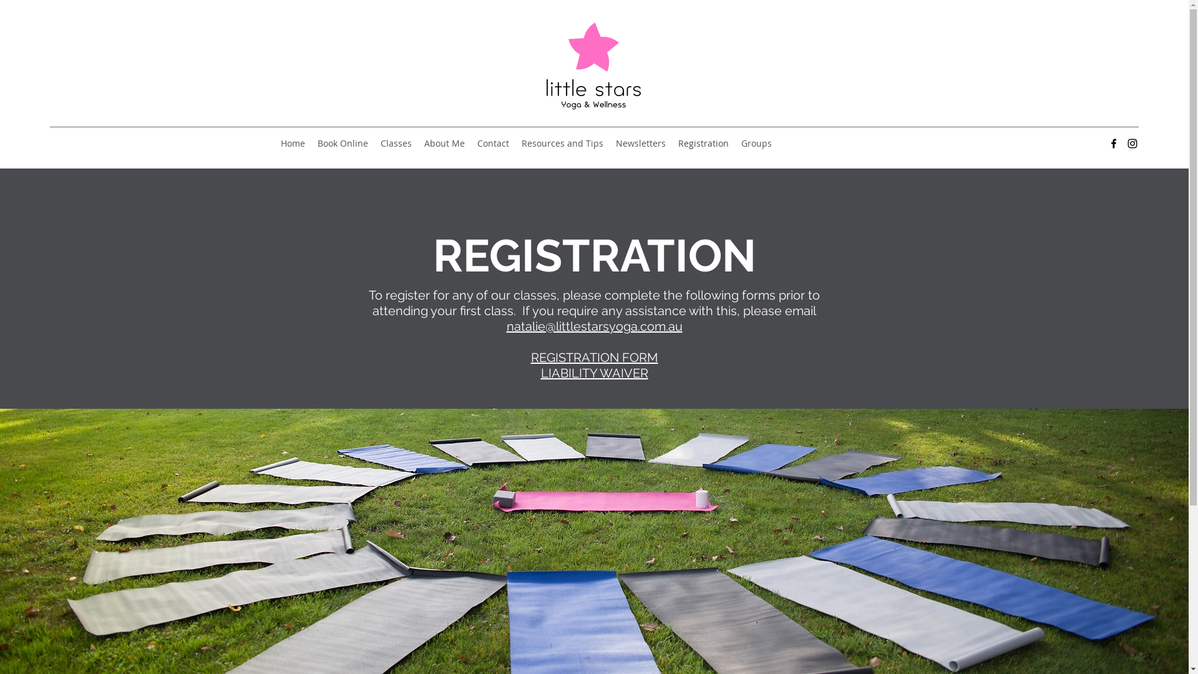 Image resolution: width=1198 pixels, height=674 pixels. Describe the element at coordinates (444, 143) in the screenshot. I see `'About Me'` at that location.